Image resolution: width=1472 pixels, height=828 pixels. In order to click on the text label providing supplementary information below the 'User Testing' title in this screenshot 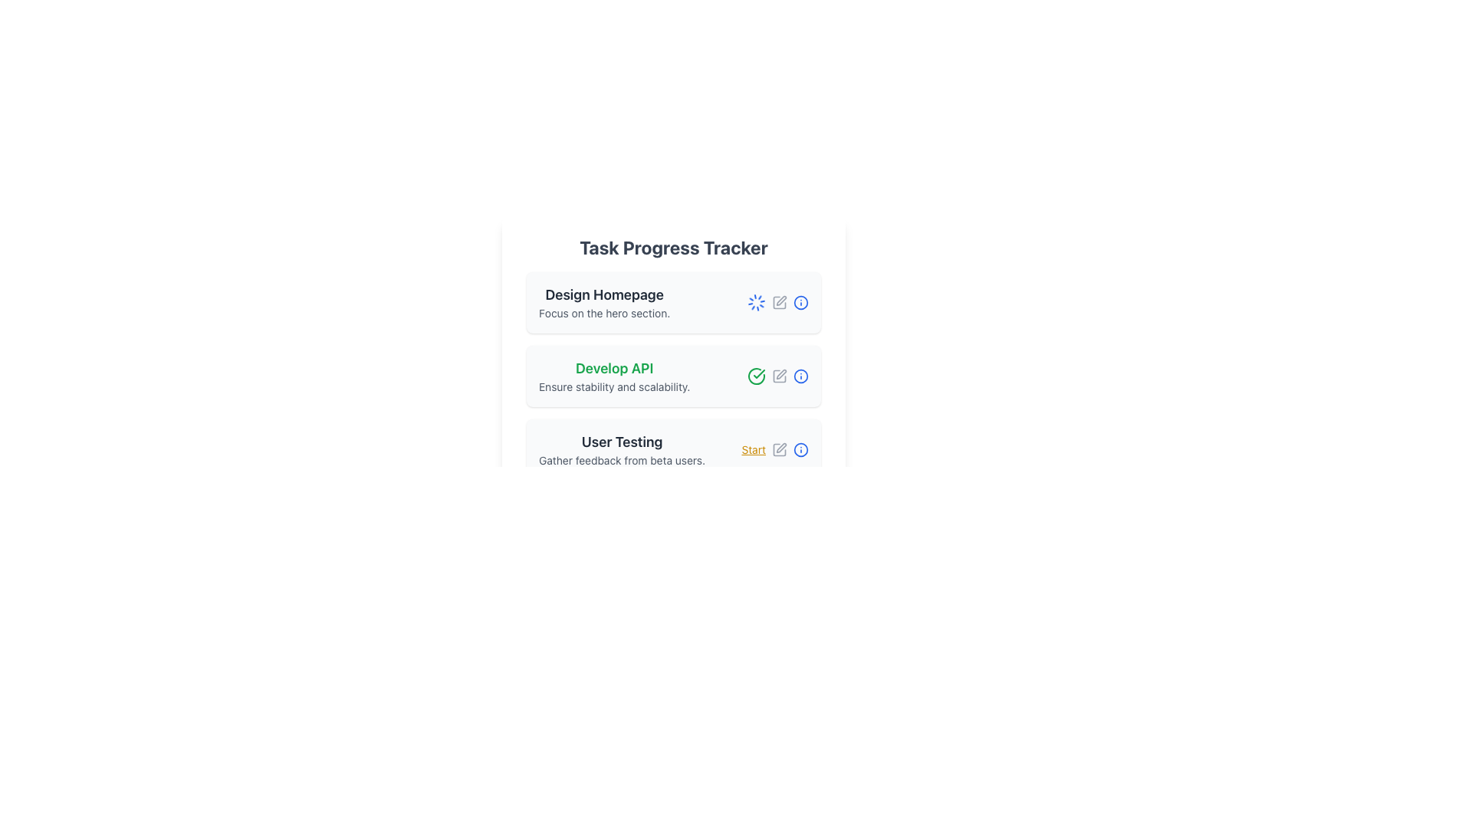, I will do `click(622, 460)`.